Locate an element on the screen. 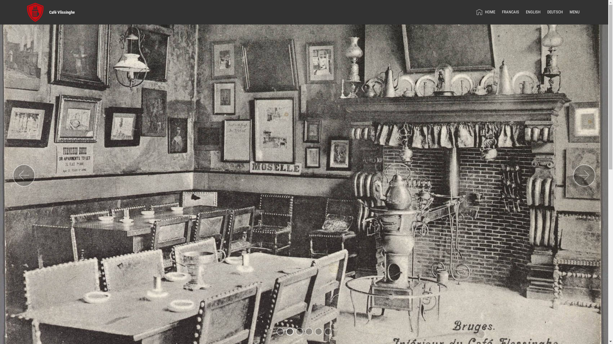 The height and width of the screenshot is (344, 613). 'Previous' is located at coordinates (24, 176).